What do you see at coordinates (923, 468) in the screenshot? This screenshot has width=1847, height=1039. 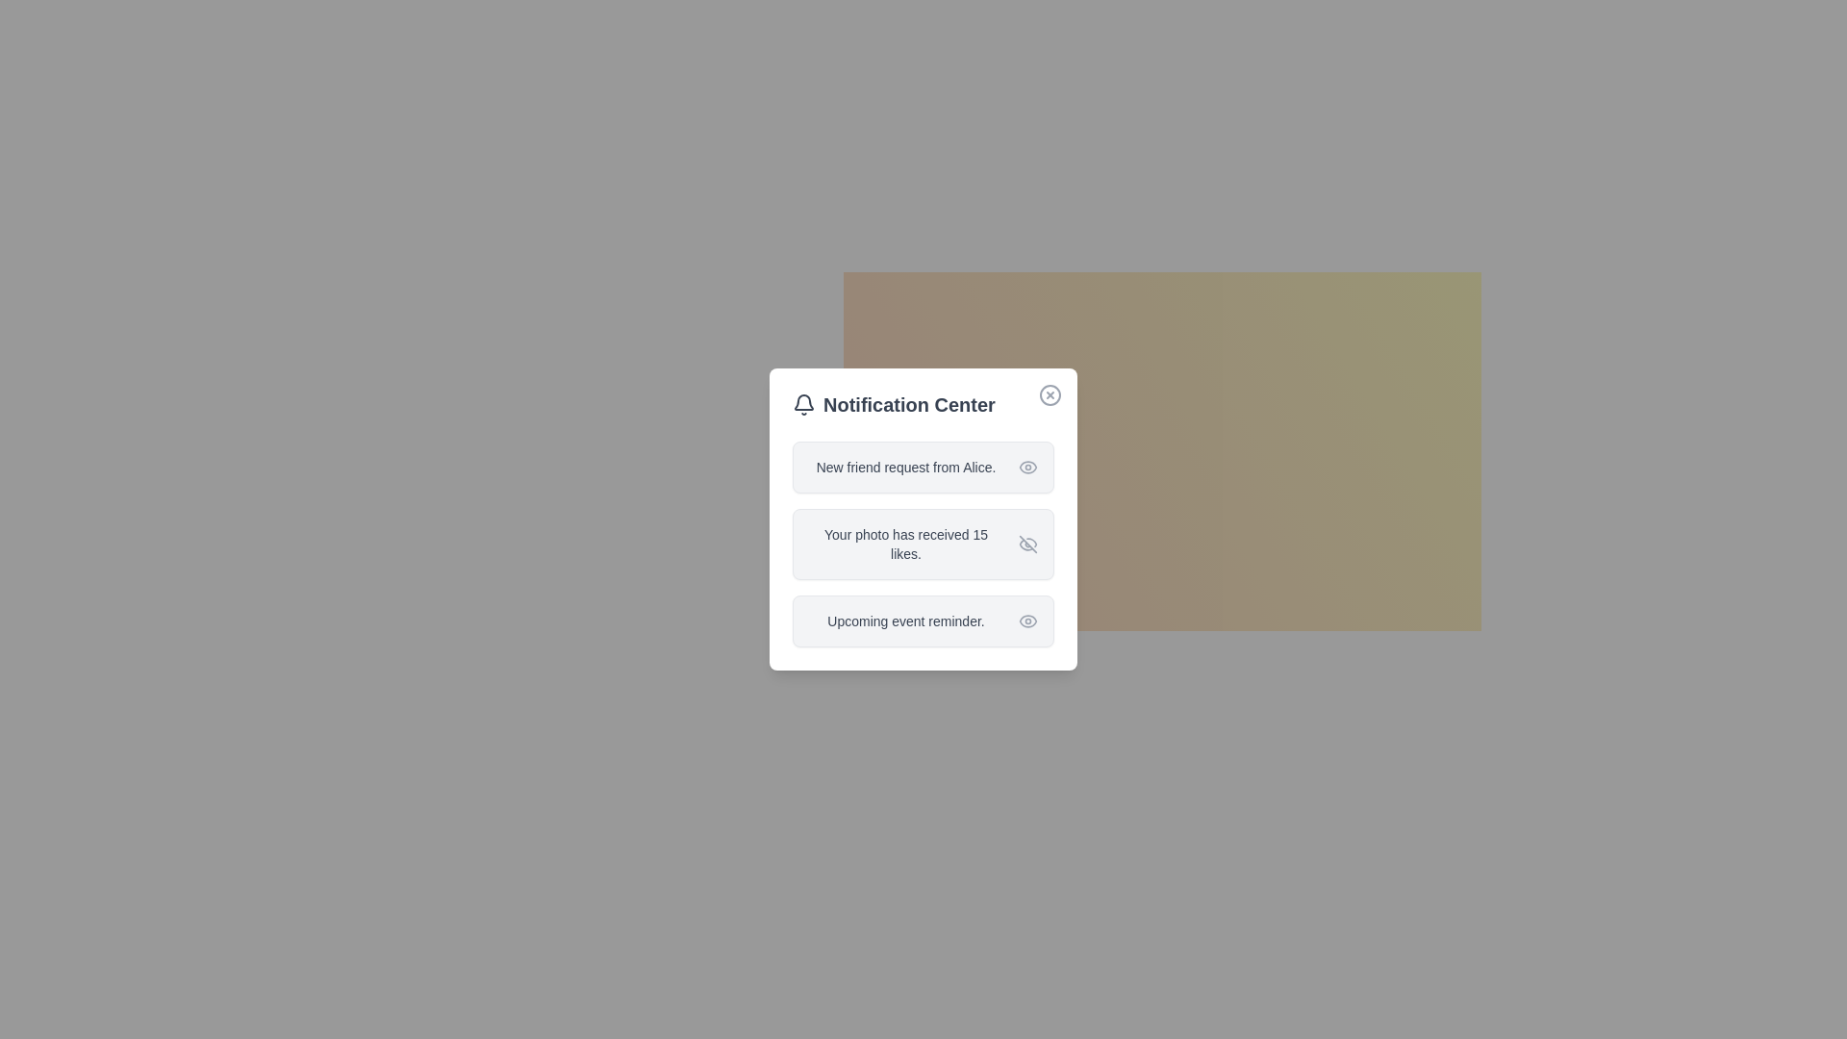 I see `the first notification in the 'Notification Center' to read the notification text about the new friend request` at bounding box center [923, 468].